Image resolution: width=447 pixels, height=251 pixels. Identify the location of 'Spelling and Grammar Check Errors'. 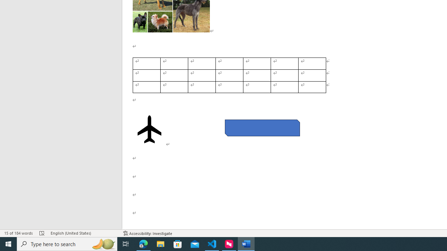
(42, 233).